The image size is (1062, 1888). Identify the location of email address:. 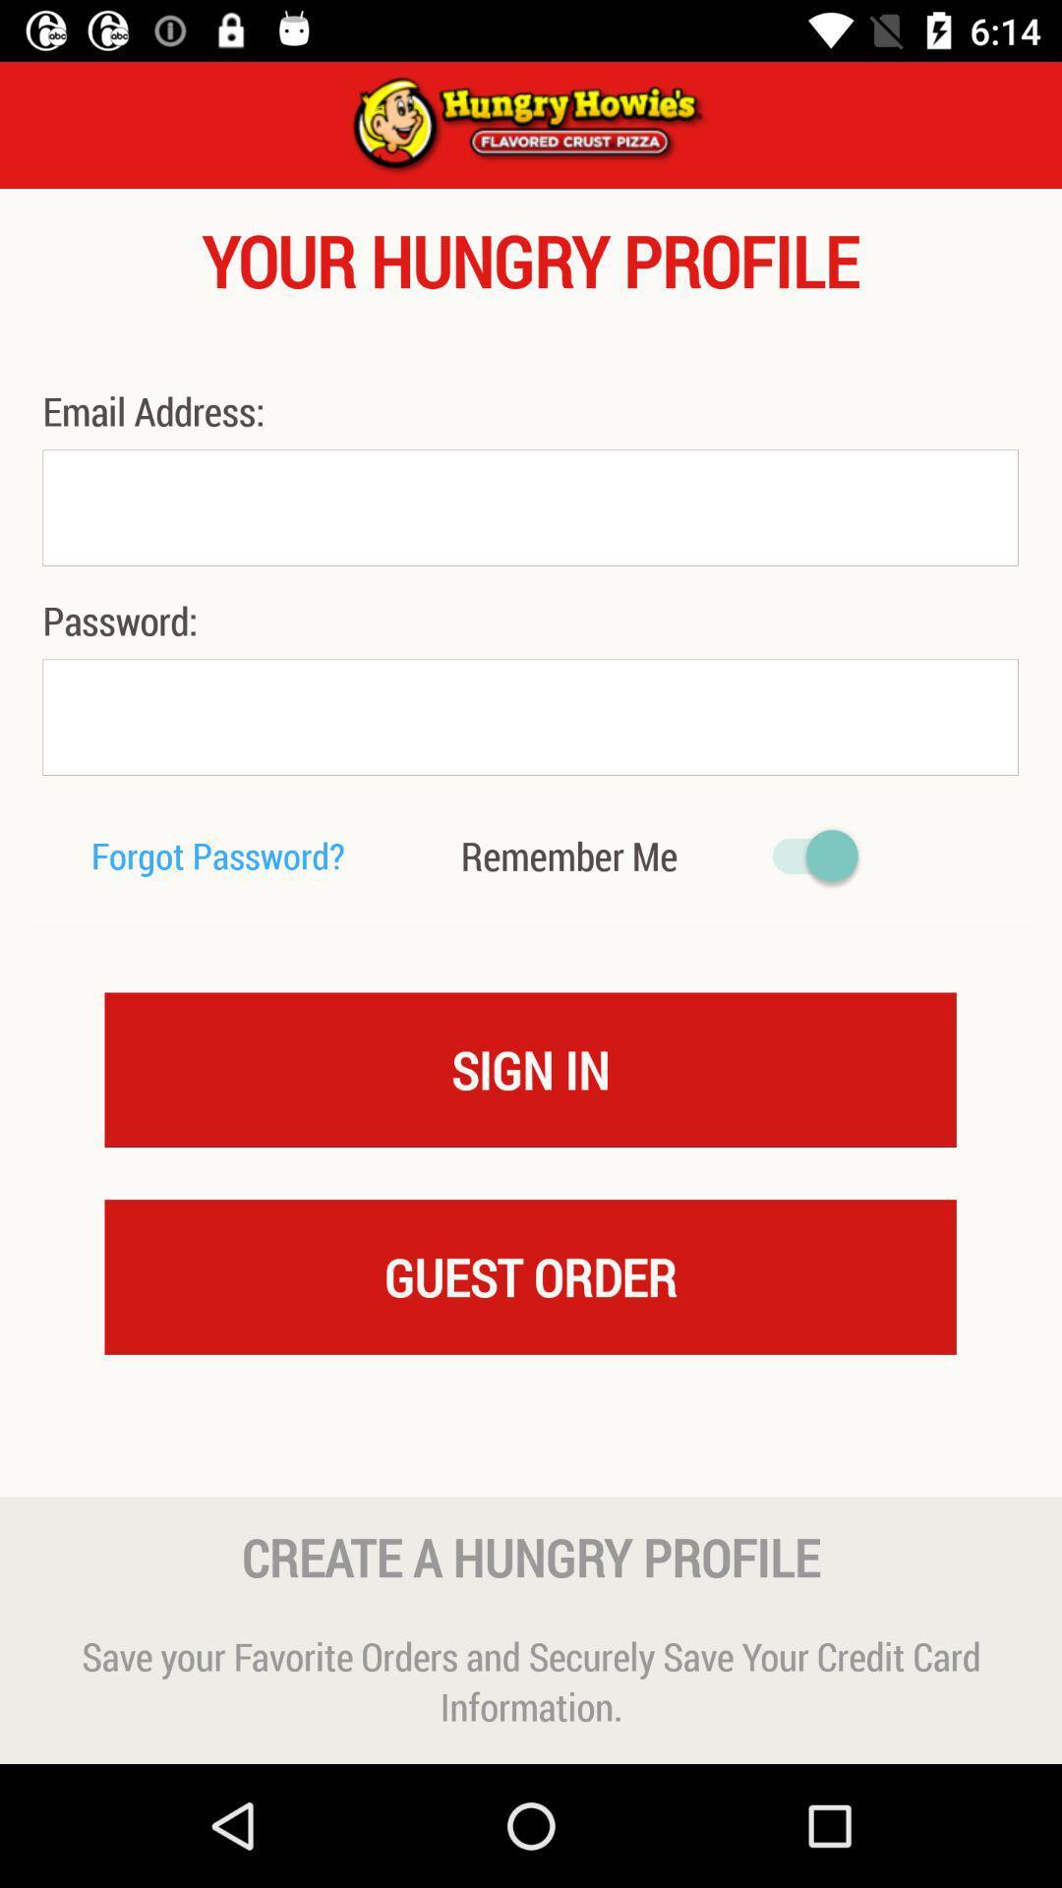
(157, 410).